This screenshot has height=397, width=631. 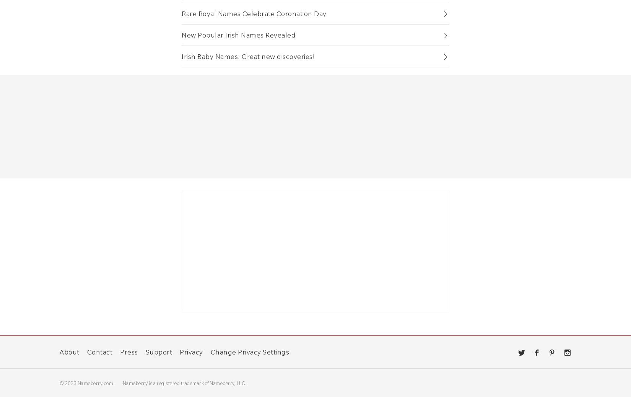 I want to click on 'Press', so click(x=128, y=351).